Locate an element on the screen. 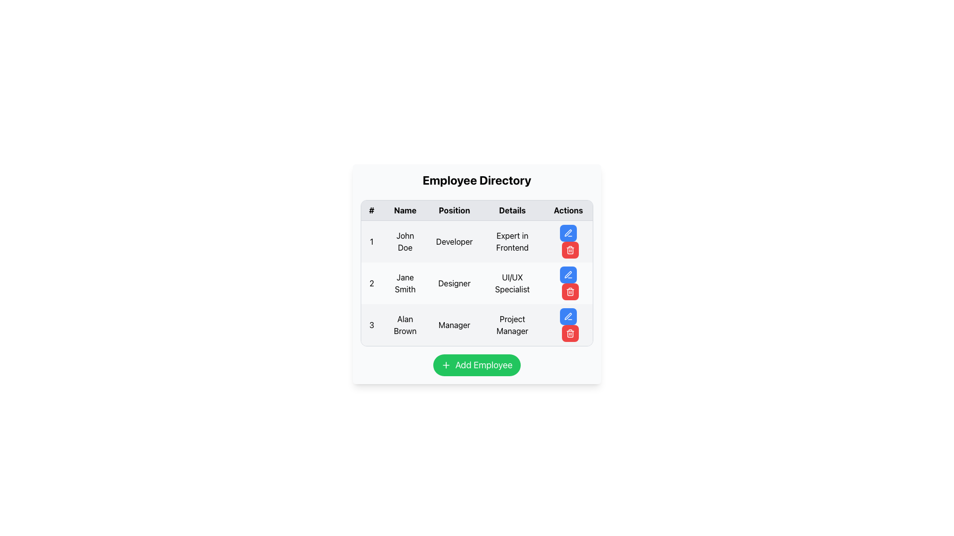  the delete button in the 'Actions' column of the second row for 'Jane Smith' in the 'Employee Directory' is located at coordinates (568, 283).